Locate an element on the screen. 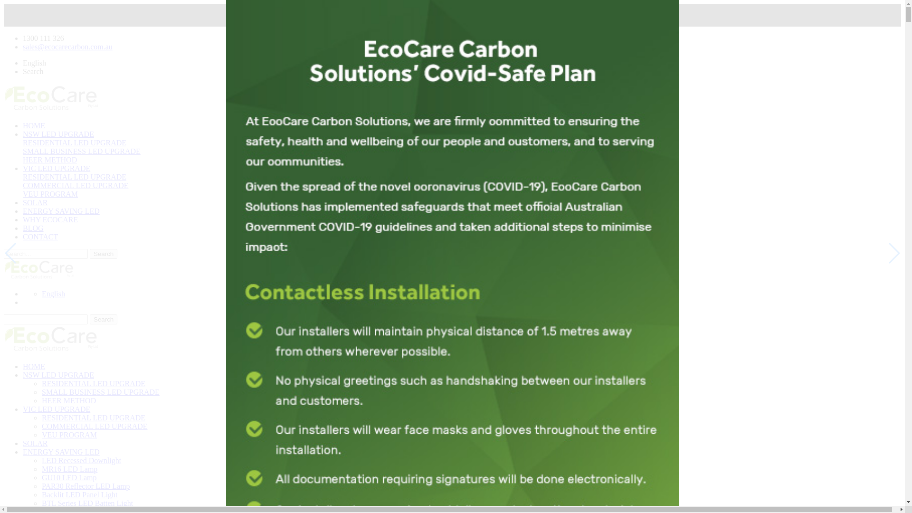  'EcoCare Carbon Solution.' is located at coordinates (51, 338).